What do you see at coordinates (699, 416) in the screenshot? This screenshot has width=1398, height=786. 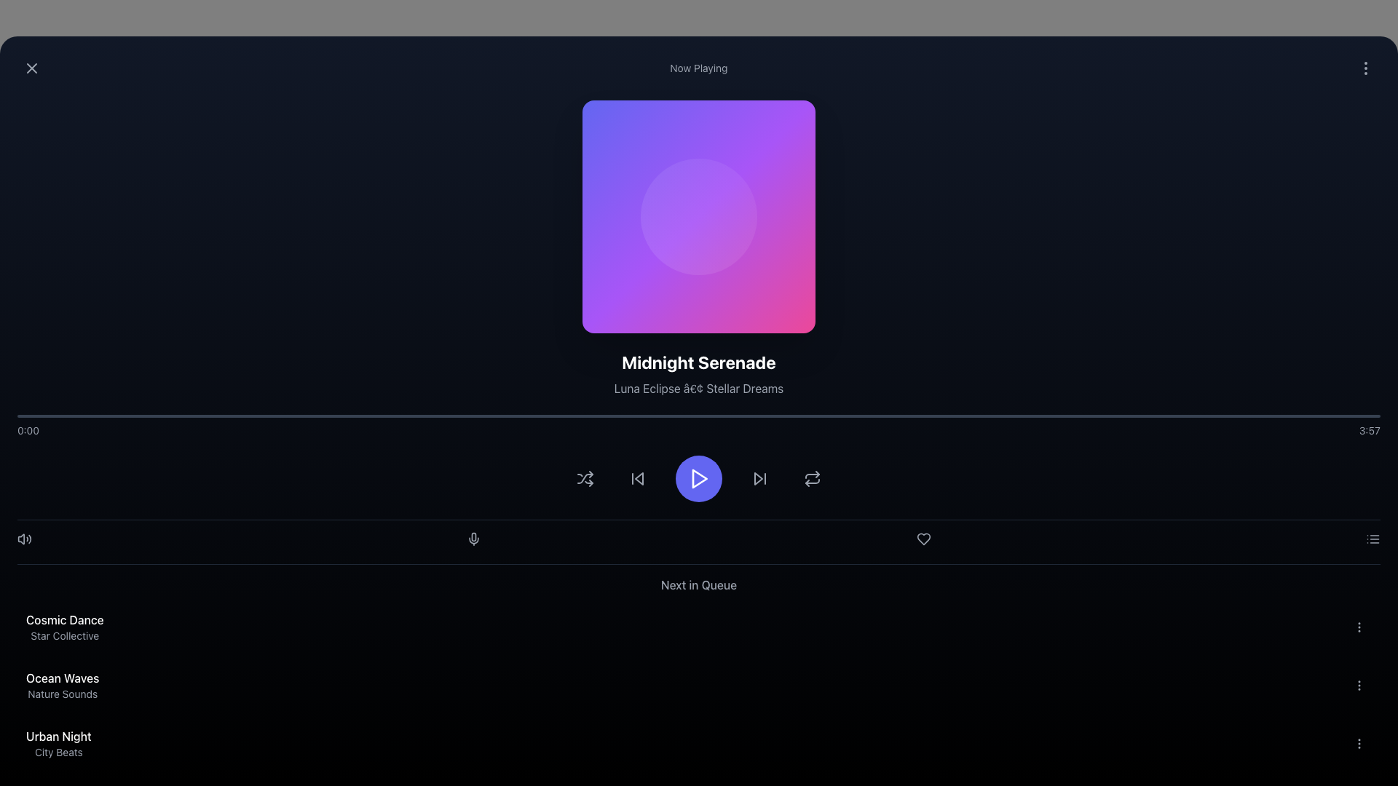 I see `the progress bar located at the bottom section of the interface to interact with the timeline for playback progress` at bounding box center [699, 416].